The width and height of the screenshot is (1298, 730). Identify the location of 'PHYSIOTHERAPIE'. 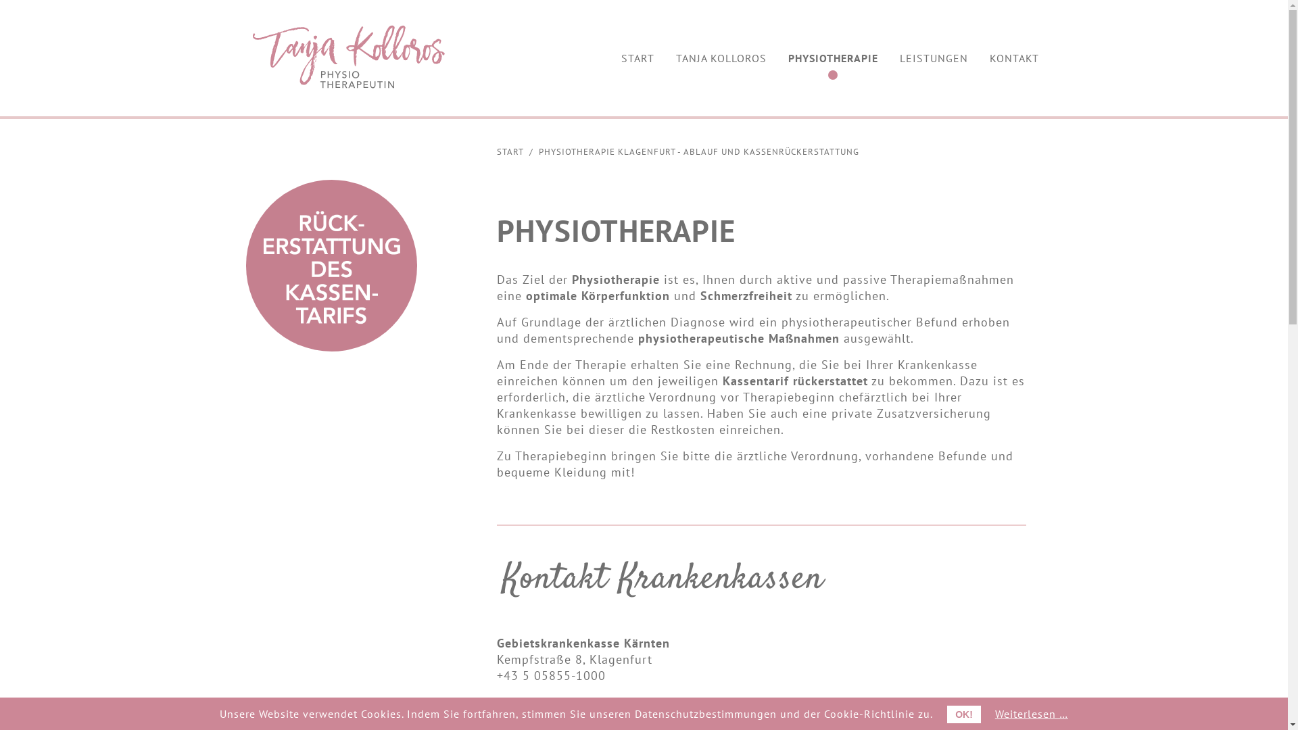
(832, 57).